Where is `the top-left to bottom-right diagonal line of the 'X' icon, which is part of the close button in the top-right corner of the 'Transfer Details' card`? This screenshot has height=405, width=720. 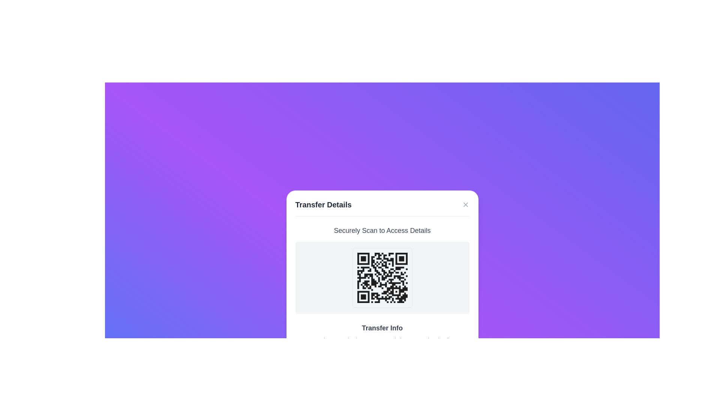
the top-left to bottom-right diagonal line of the 'X' icon, which is part of the close button in the top-right corner of the 'Transfer Details' card is located at coordinates (465, 204).